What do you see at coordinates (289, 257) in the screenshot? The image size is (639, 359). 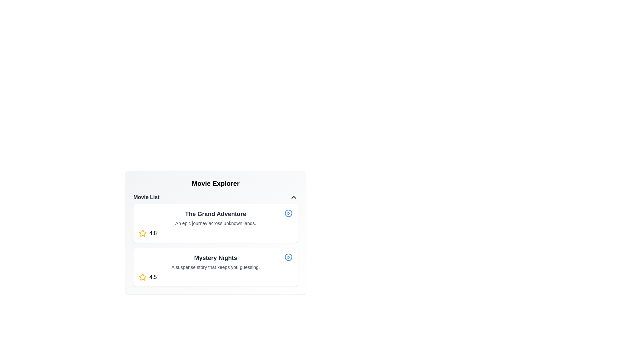 I see `play button for the movie titled Mystery Nights` at bounding box center [289, 257].